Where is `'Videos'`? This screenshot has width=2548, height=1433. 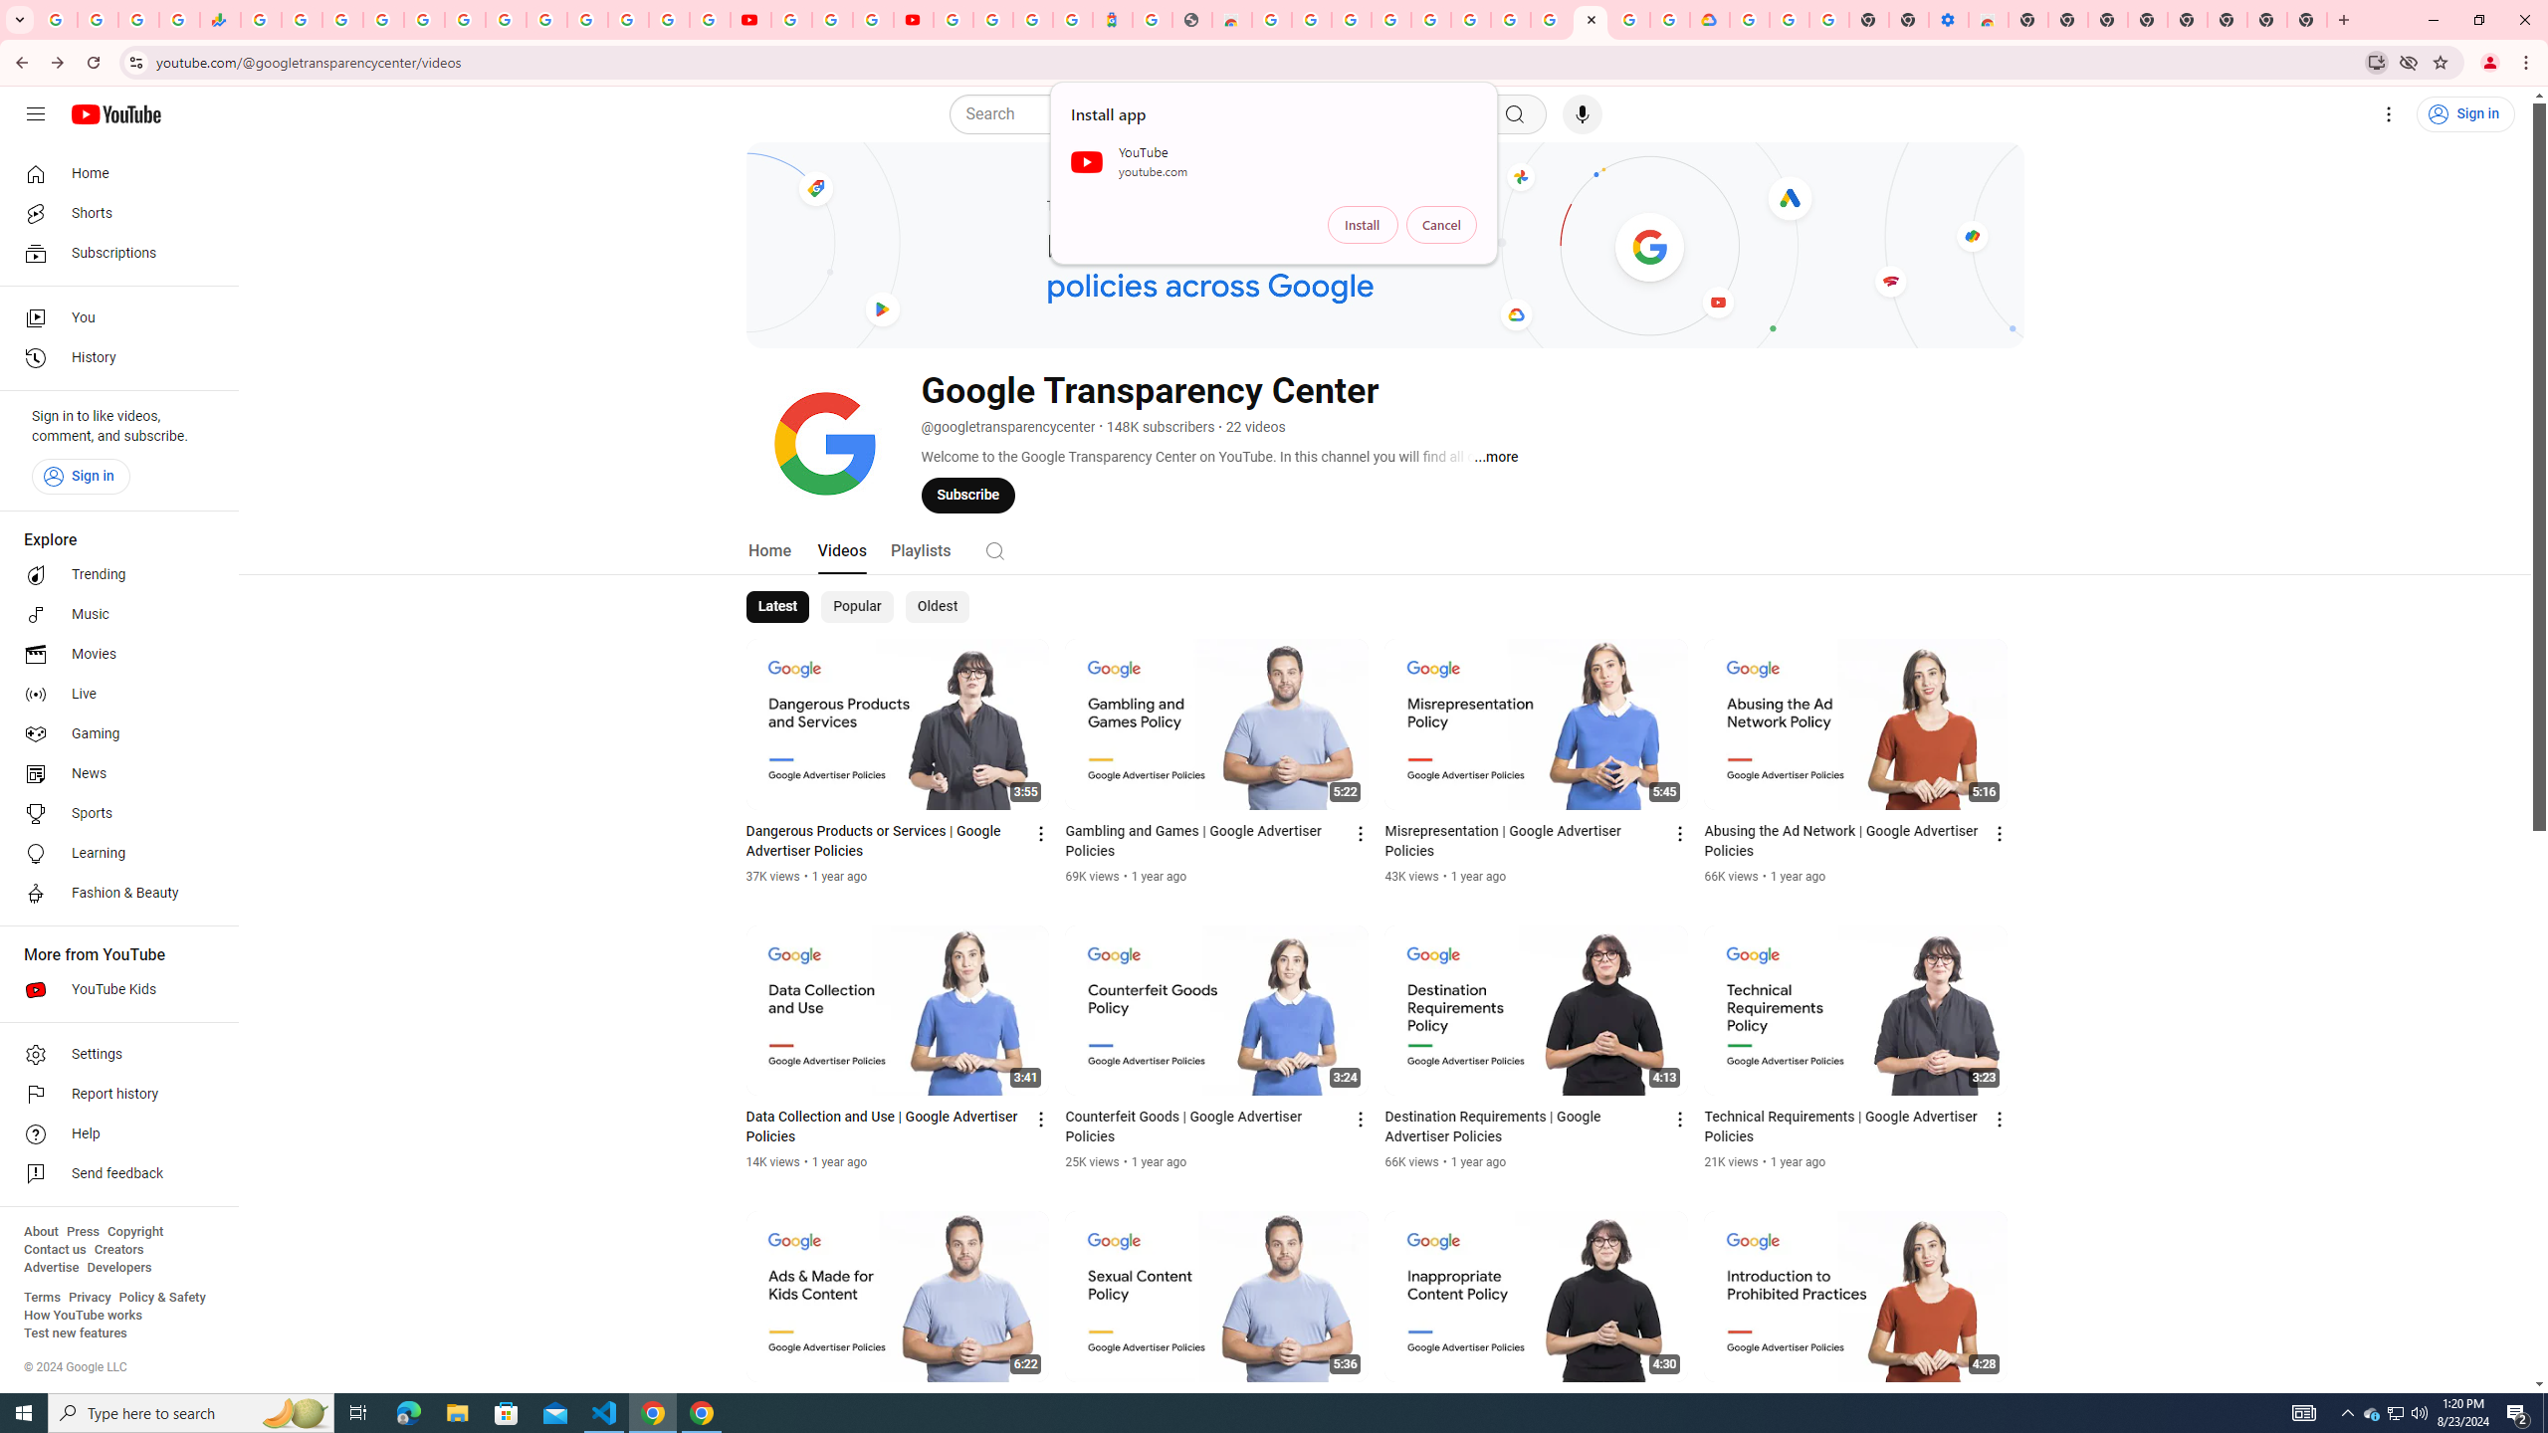
'Videos' is located at coordinates (841, 548).